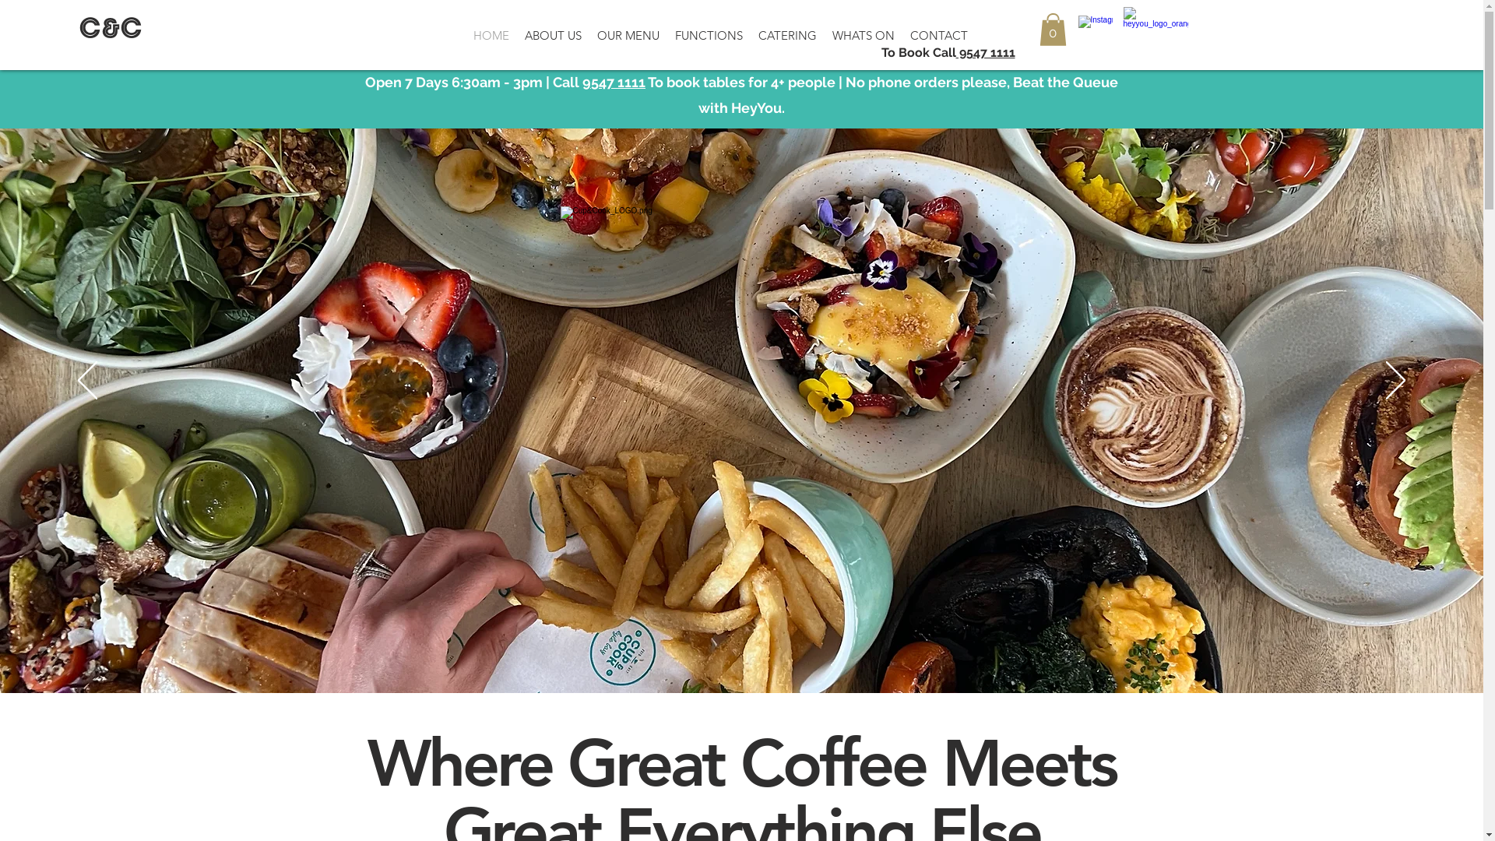 The image size is (1495, 841). I want to click on 'CATERING', so click(787, 35).